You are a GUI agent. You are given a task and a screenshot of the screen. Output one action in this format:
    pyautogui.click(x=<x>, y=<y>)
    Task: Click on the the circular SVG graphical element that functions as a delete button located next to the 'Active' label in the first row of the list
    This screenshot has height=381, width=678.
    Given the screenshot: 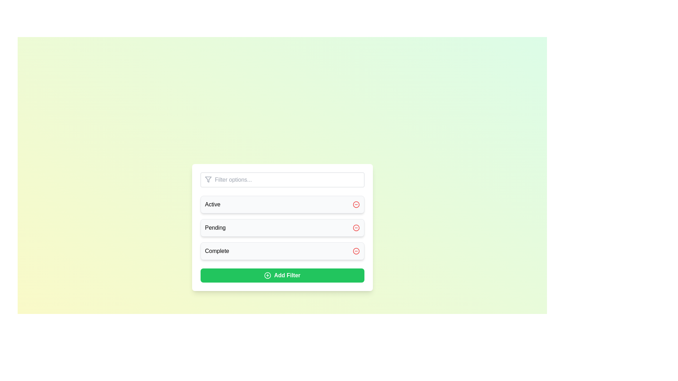 What is the action you would take?
    pyautogui.click(x=356, y=204)
    